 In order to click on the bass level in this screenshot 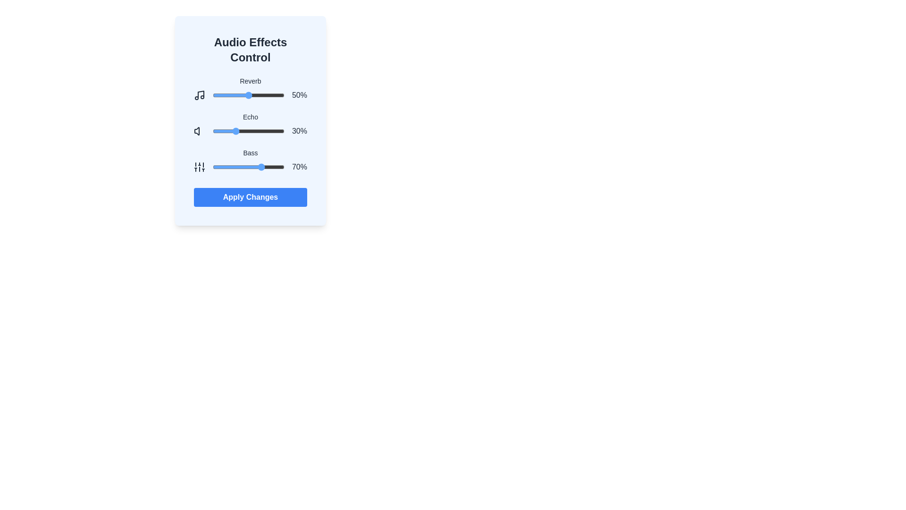, I will do `click(255, 167)`.